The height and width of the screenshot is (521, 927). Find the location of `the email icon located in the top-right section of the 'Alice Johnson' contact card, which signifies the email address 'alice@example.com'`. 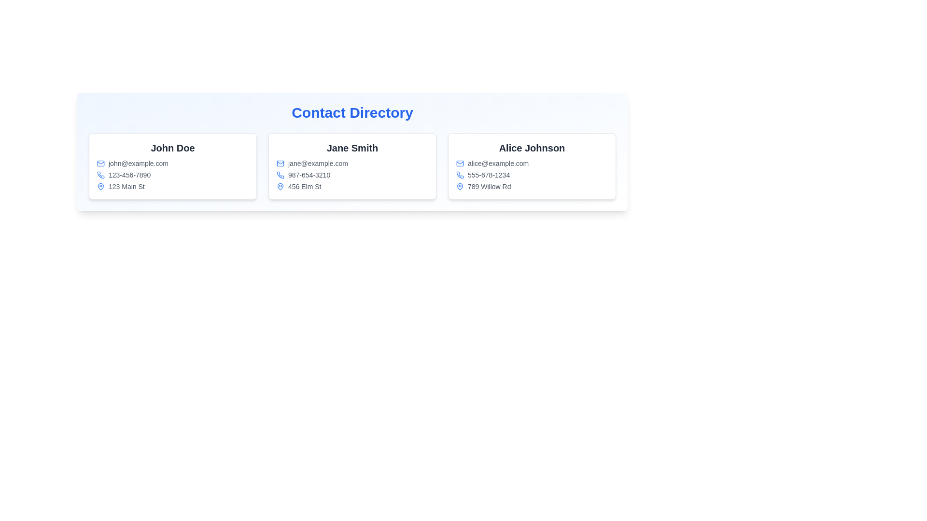

the email icon located in the top-right section of the 'Alice Johnson' contact card, which signifies the email address 'alice@example.com' is located at coordinates (460, 163).